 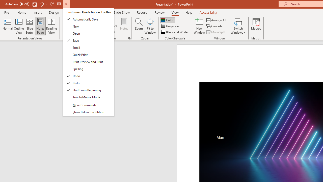 What do you see at coordinates (216, 32) in the screenshot?
I see `'Move Split'` at bounding box center [216, 32].